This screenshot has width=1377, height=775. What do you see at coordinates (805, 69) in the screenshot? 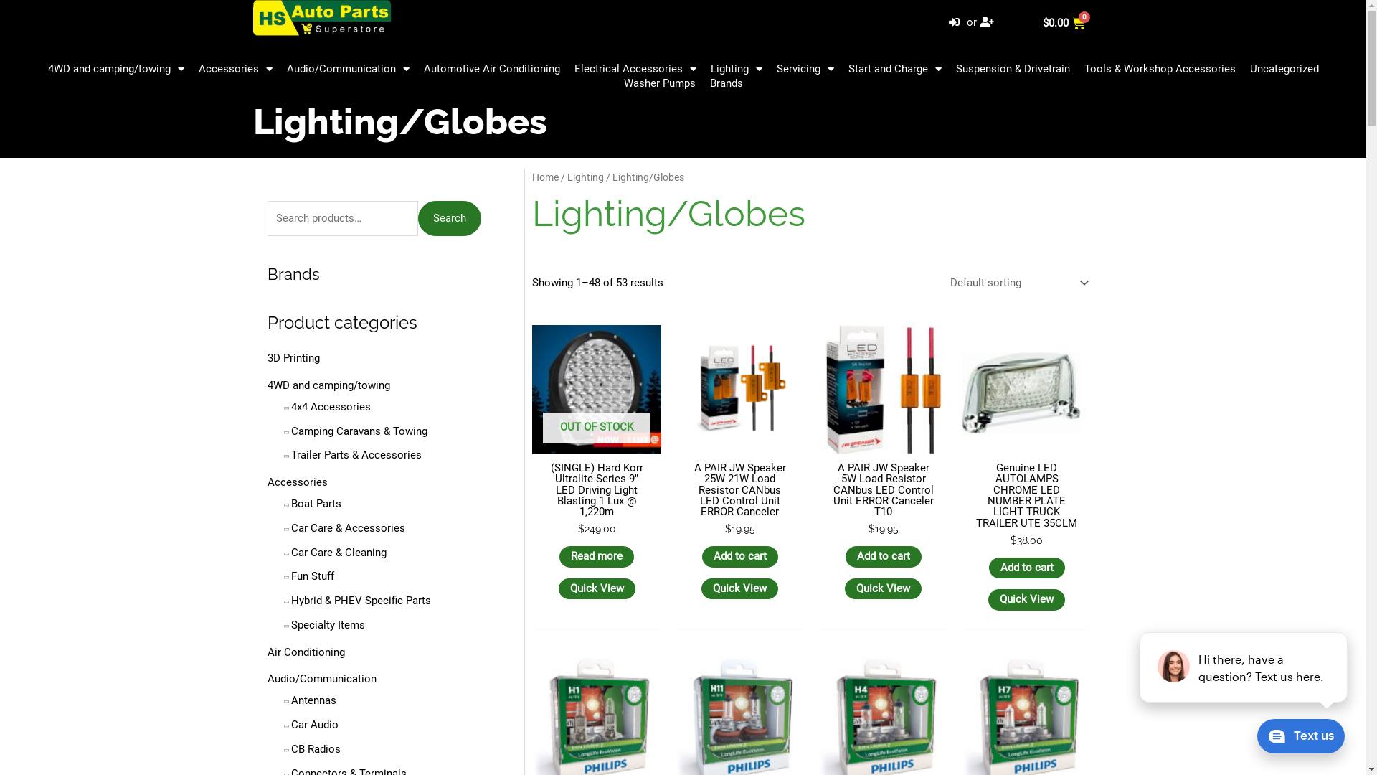
I see `'Servicing'` at bounding box center [805, 69].